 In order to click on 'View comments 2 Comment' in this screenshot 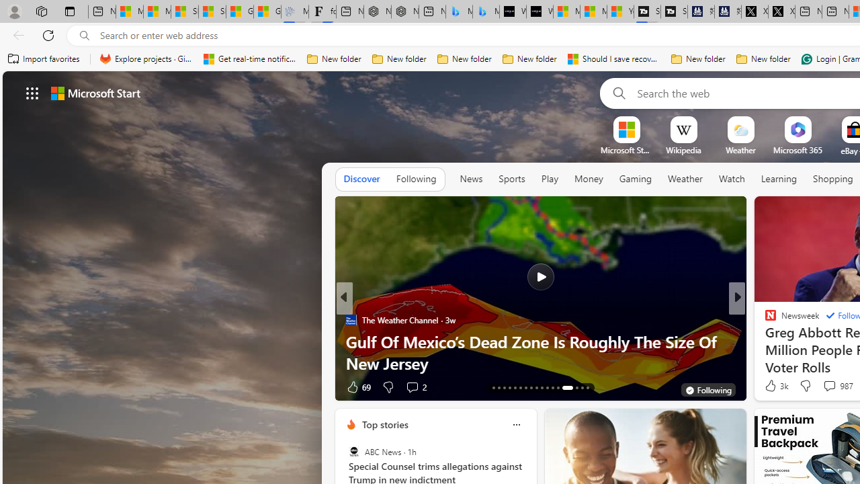, I will do `click(411, 387)`.